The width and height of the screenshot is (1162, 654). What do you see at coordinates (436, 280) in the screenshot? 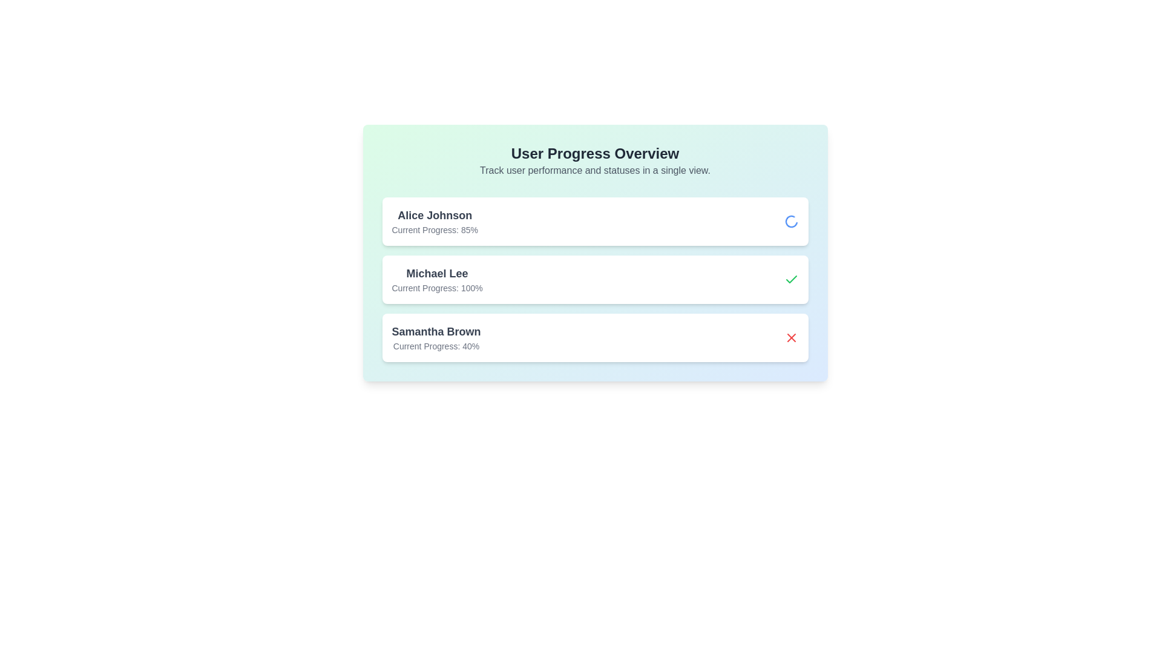
I see `the text block displaying 'Michael Lee' and 'Current Progress: 100%' in the second card of the user progress statuses list` at bounding box center [436, 280].